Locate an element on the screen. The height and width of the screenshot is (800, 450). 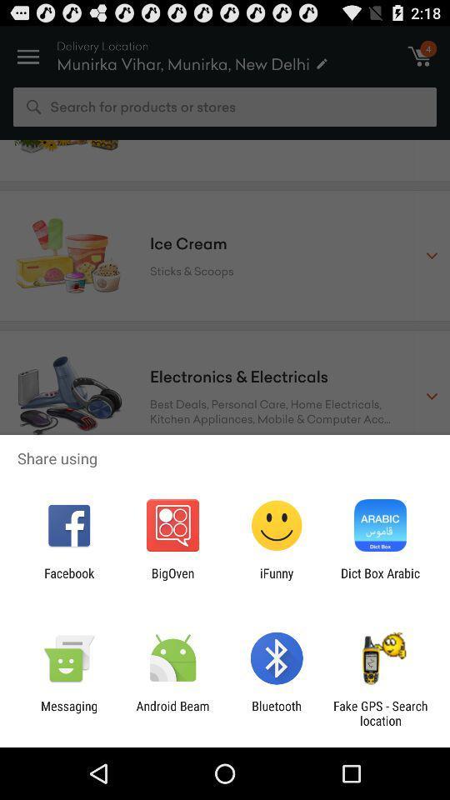
android beam is located at coordinates (172, 712).